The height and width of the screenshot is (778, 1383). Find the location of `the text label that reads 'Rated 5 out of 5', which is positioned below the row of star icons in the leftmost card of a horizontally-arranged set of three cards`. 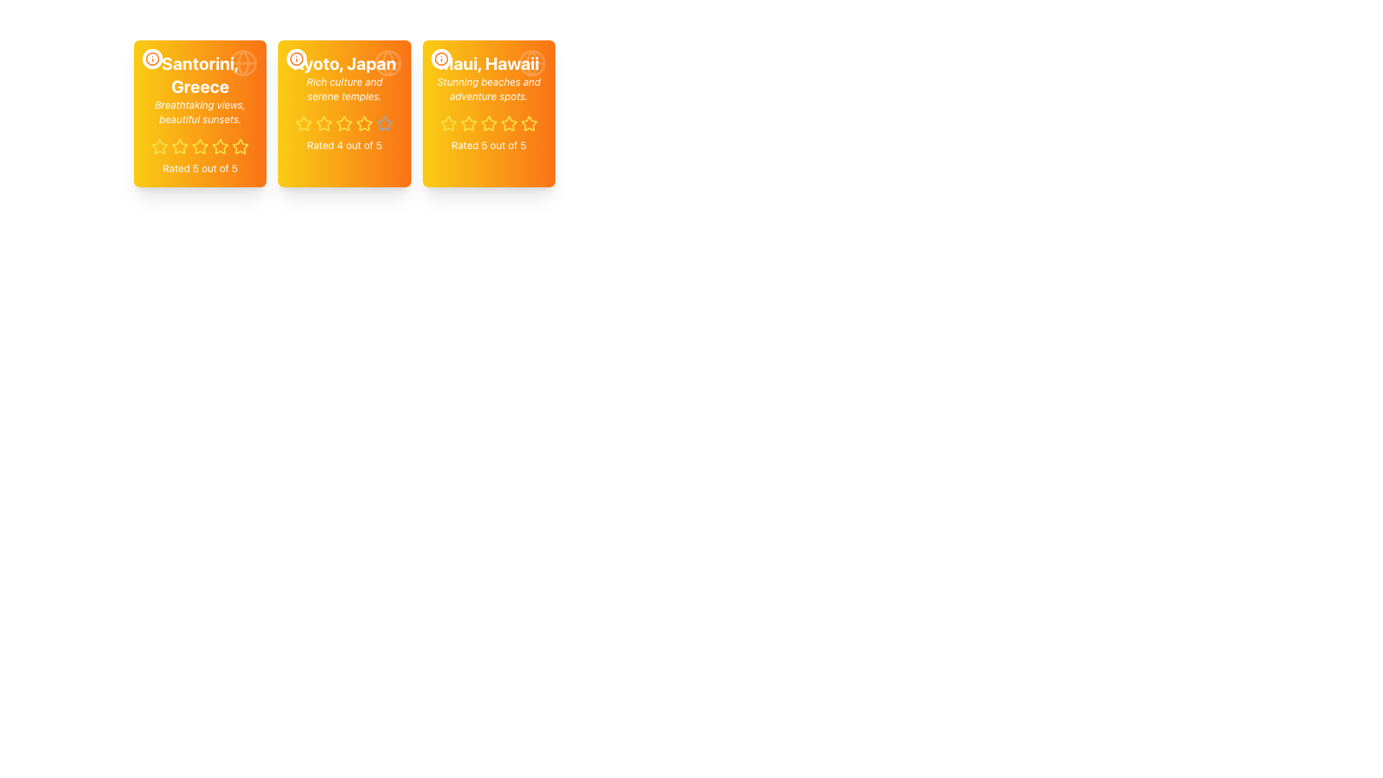

the text label that reads 'Rated 5 out of 5', which is positioned below the row of star icons in the leftmost card of a horizontally-arranged set of three cards is located at coordinates (200, 168).